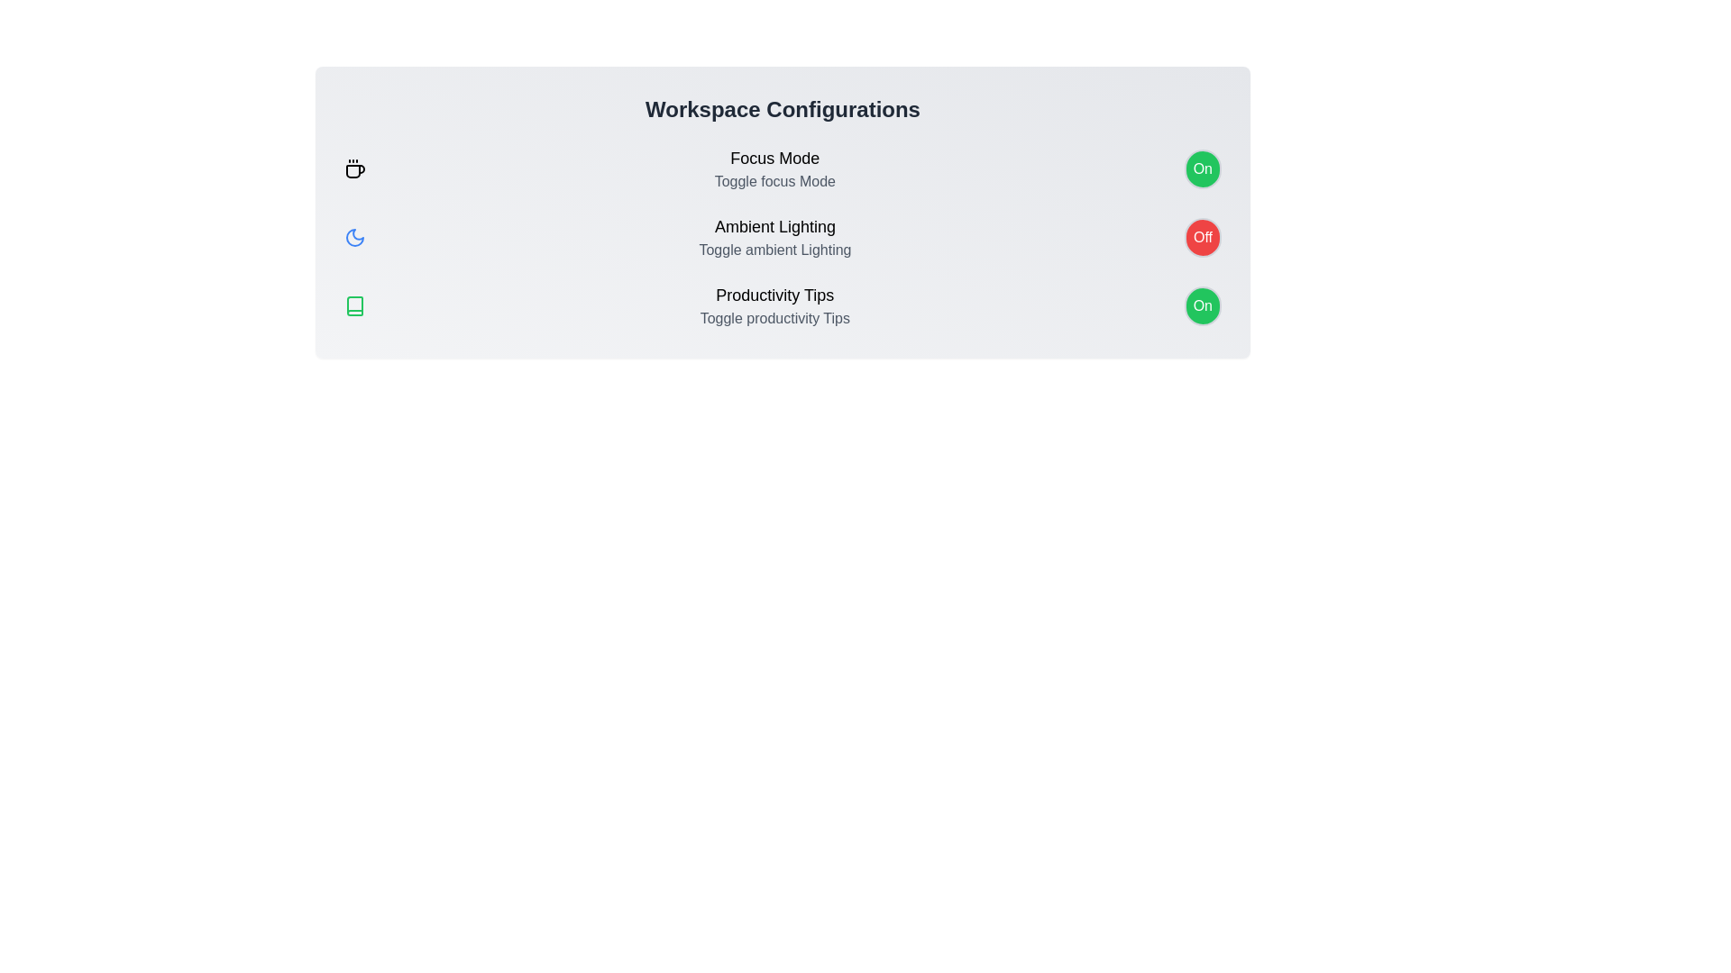 The width and height of the screenshot is (1731, 973). What do you see at coordinates (774, 225) in the screenshot?
I see `the text of Ambient Lighting` at bounding box center [774, 225].